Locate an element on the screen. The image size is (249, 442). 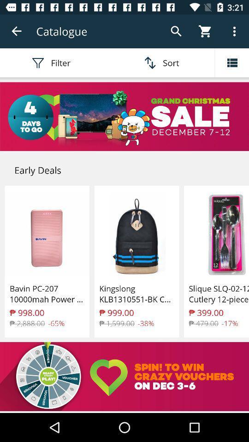
spin a wheel on lazada to earn a voucher is located at coordinates (125, 377).